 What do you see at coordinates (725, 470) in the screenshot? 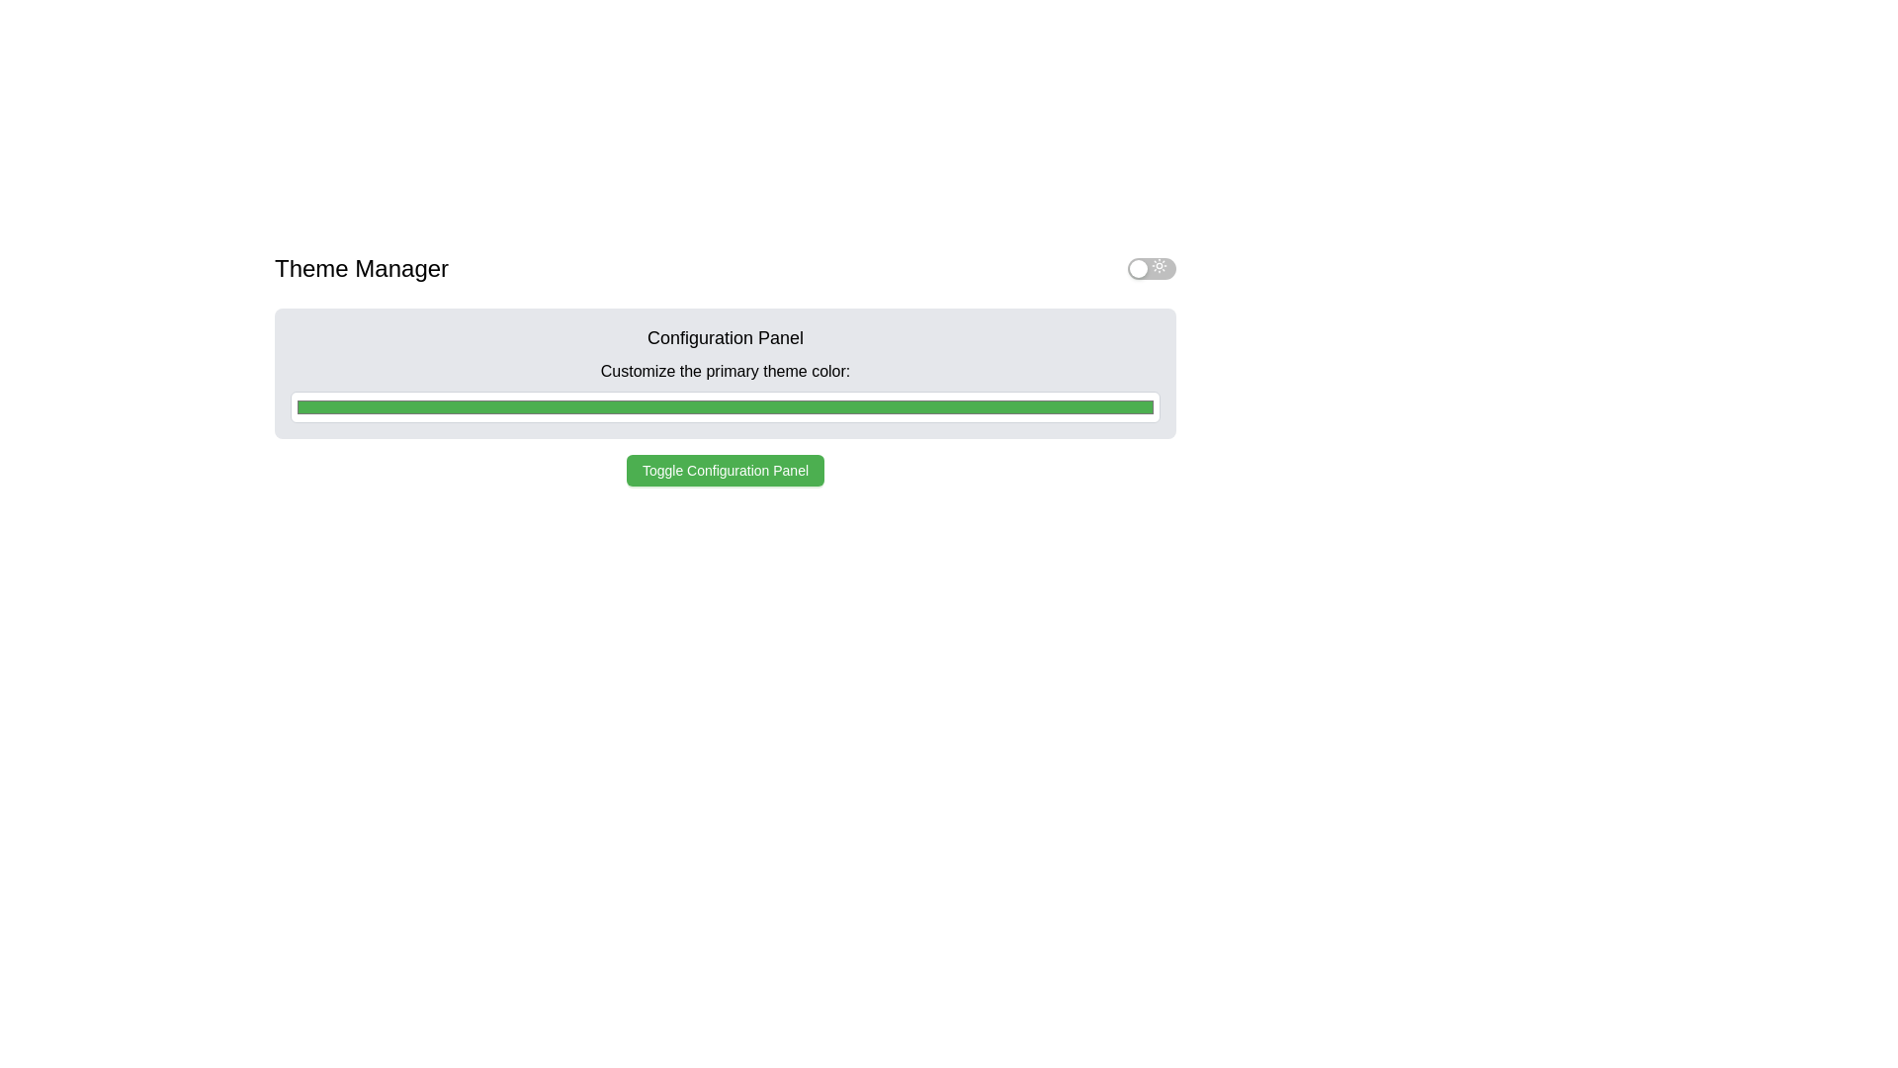
I see `the toggle button for the configuration panel to activate additional interaction effects` at bounding box center [725, 470].